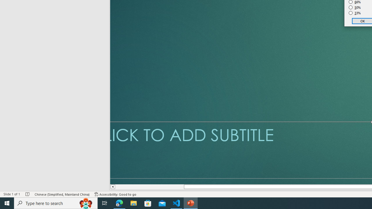  What do you see at coordinates (115, 194) in the screenshot?
I see `'Accessibility Checker Accessibility: Good to go'` at bounding box center [115, 194].